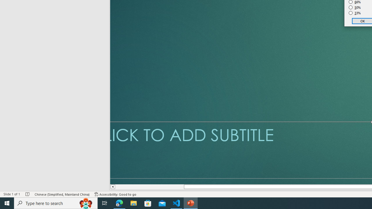  What do you see at coordinates (115, 194) in the screenshot?
I see `'Accessibility Checker Accessibility: Good to go'` at bounding box center [115, 194].